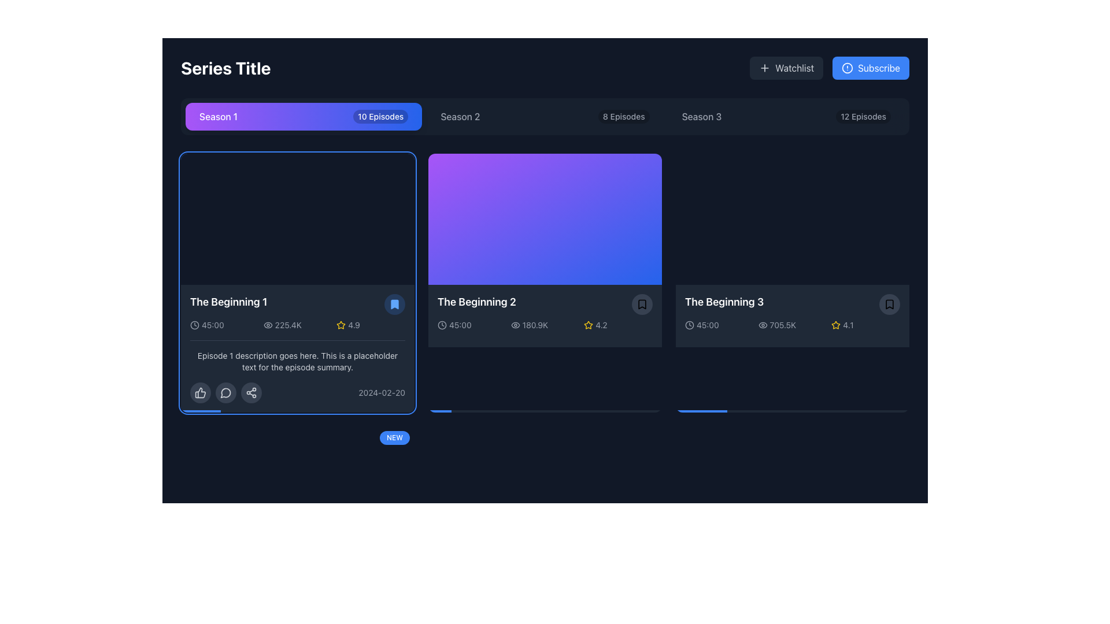 This screenshot has height=624, width=1110. I want to click on the eye icon located to the left of the '705.5K' text in the metadata display area of the card for 'The Beginning 3', so click(763, 325).